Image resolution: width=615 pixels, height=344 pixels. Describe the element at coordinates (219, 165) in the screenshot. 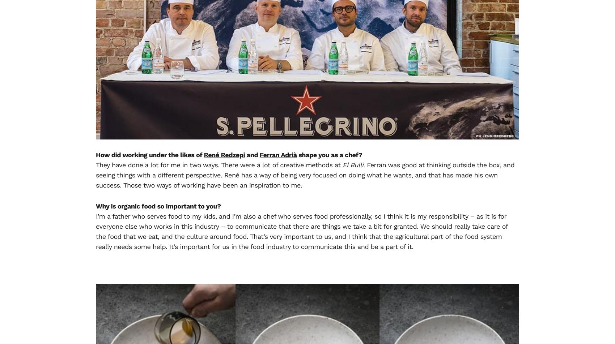

I see `'They have done a lot for me in two ways. There were a lot of creative methods at'` at that location.